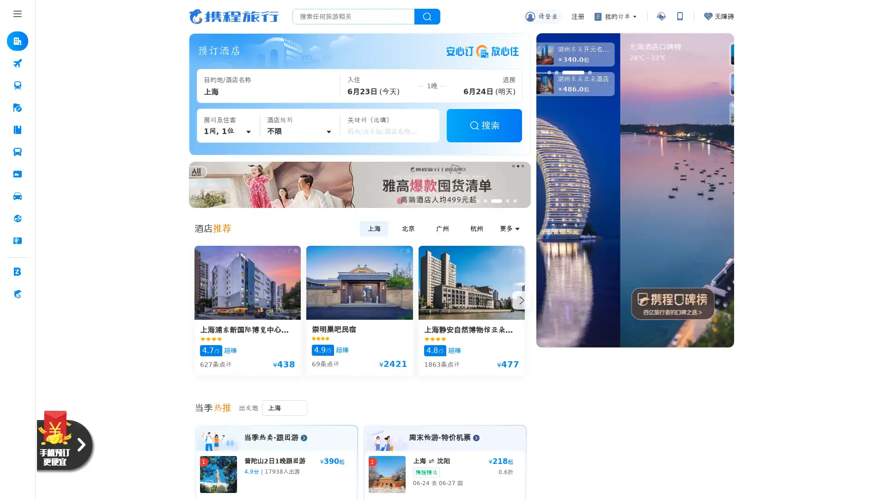 The height and width of the screenshot is (499, 887). Describe the element at coordinates (580, 72) in the screenshot. I see `Go to slide 4` at that location.